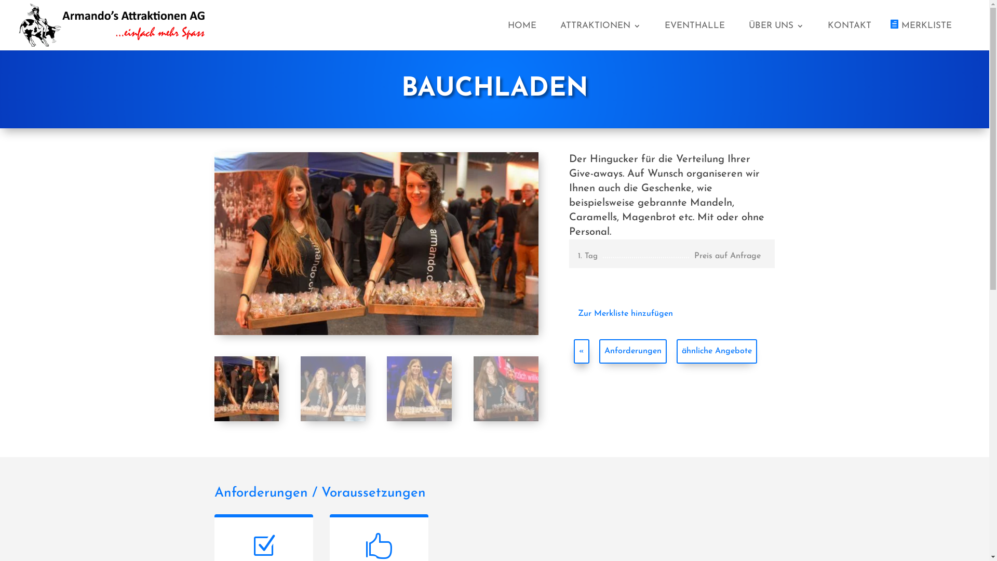 This screenshot has height=561, width=997. What do you see at coordinates (850, 35) in the screenshot?
I see `'KONTAKT'` at bounding box center [850, 35].